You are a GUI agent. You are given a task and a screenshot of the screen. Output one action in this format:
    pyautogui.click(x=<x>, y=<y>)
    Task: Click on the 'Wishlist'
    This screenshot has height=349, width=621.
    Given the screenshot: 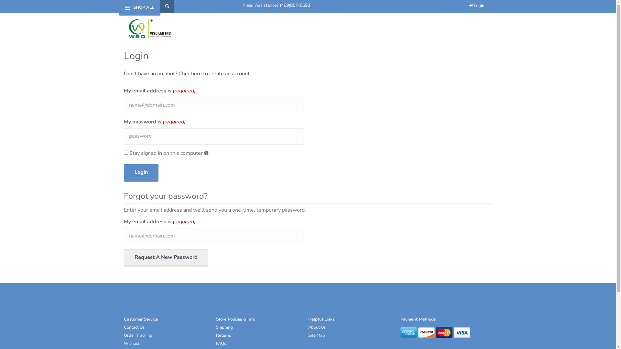 What is the action you would take?
    pyautogui.click(x=131, y=343)
    